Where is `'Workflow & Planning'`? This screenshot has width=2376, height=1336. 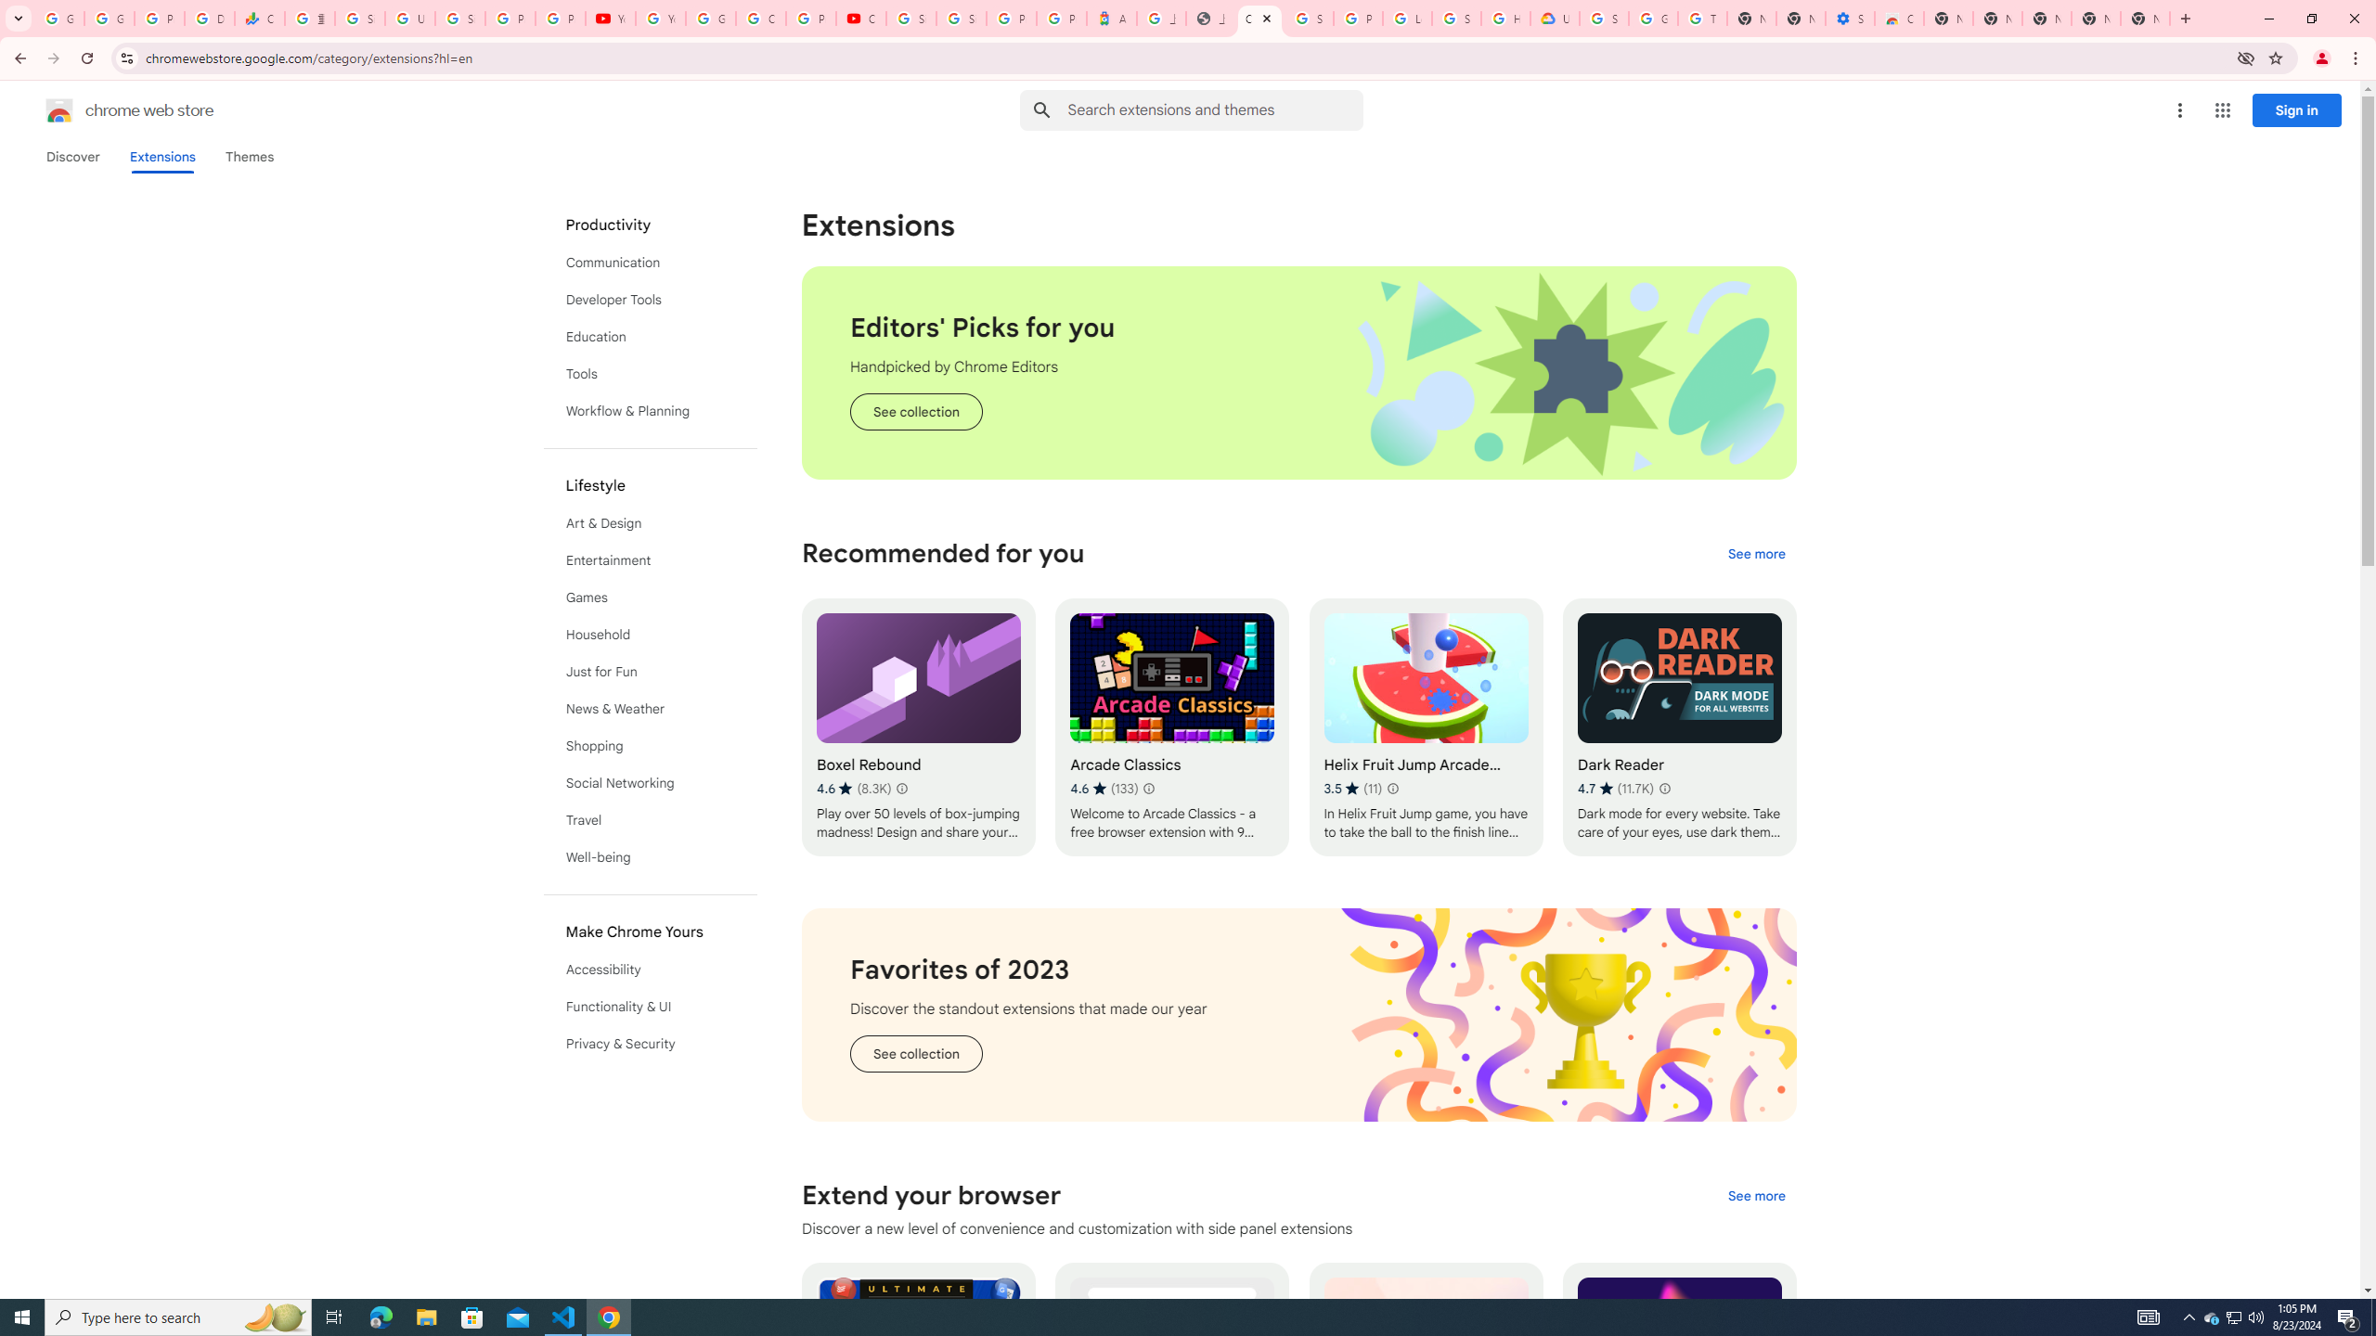 'Workflow & Planning' is located at coordinates (651, 411).